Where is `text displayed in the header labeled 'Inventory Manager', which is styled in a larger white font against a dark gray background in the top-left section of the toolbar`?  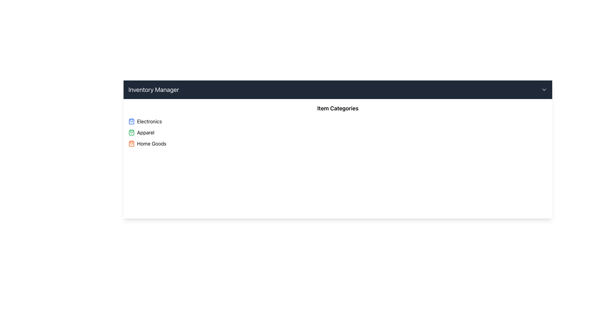 text displayed in the header labeled 'Inventory Manager', which is styled in a larger white font against a dark gray background in the top-left section of the toolbar is located at coordinates (154, 89).